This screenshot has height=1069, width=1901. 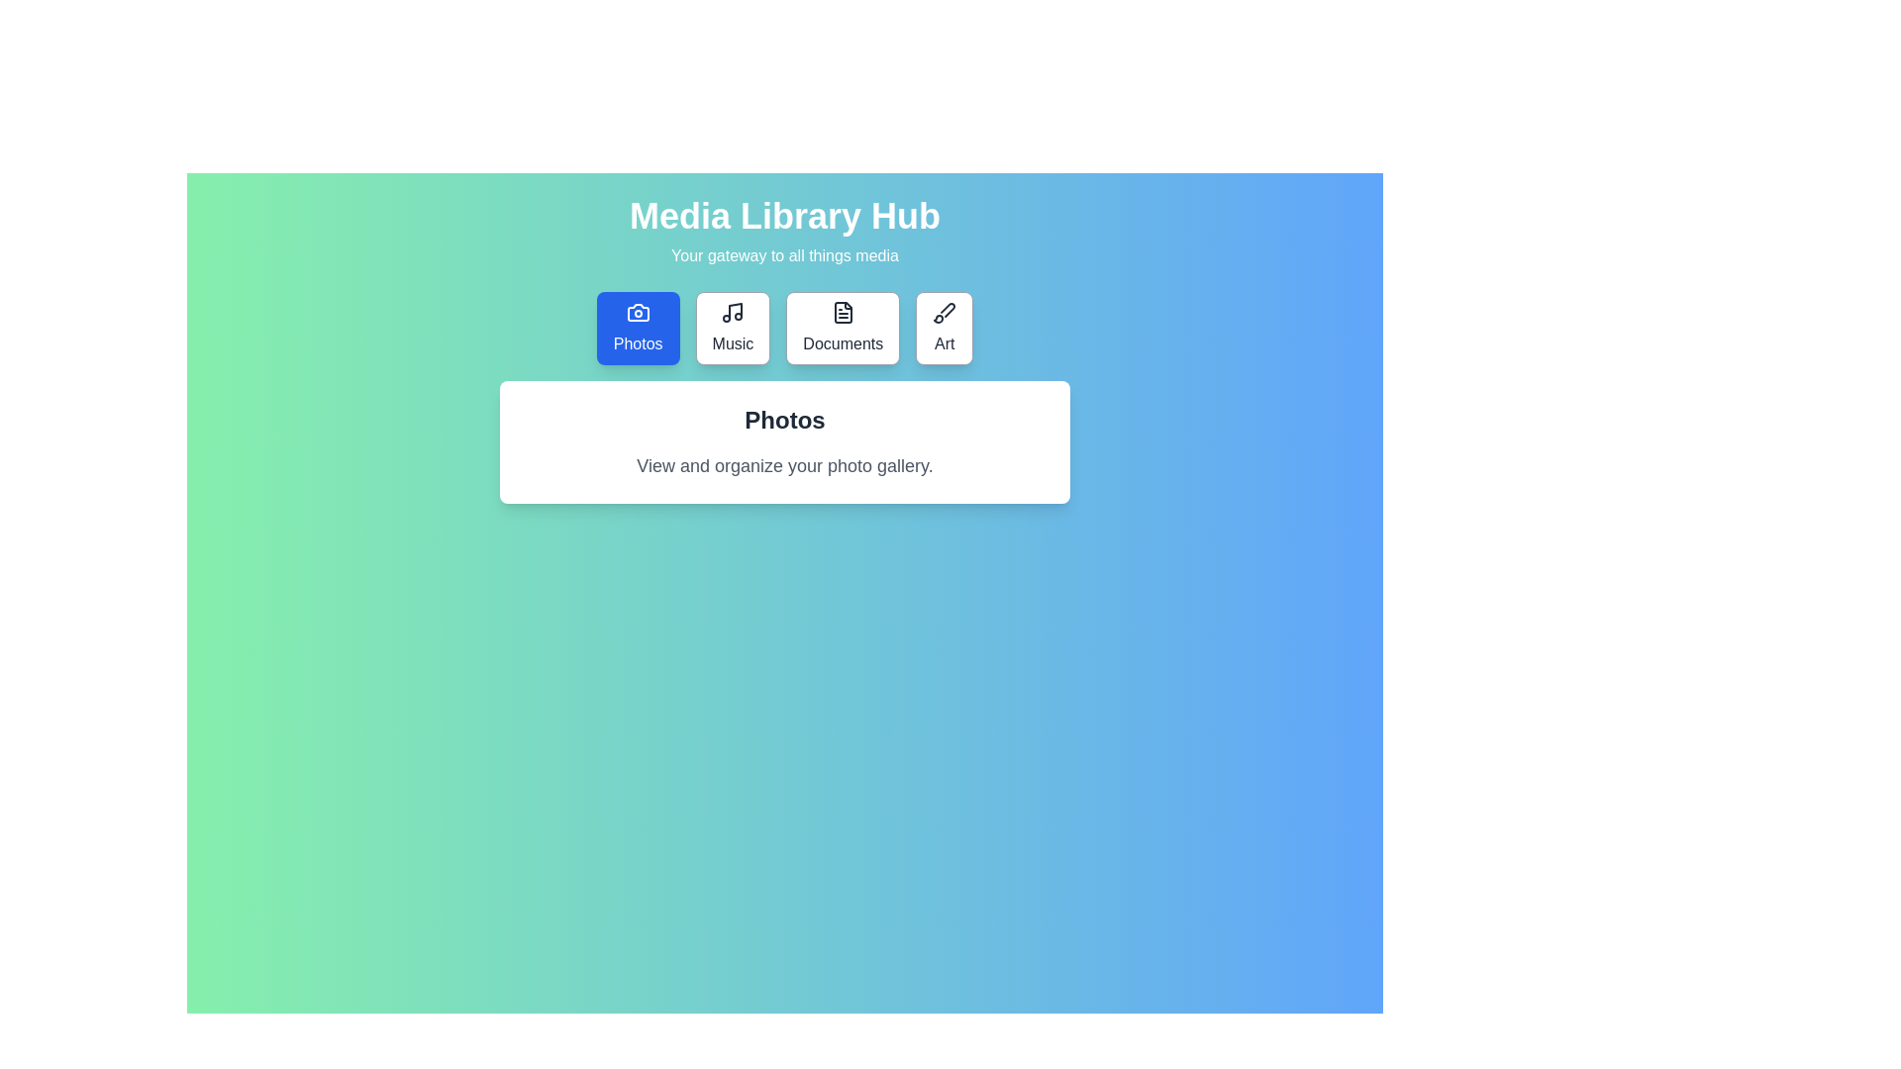 I want to click on the Art tab to view its content, so click(x=944, y=327).